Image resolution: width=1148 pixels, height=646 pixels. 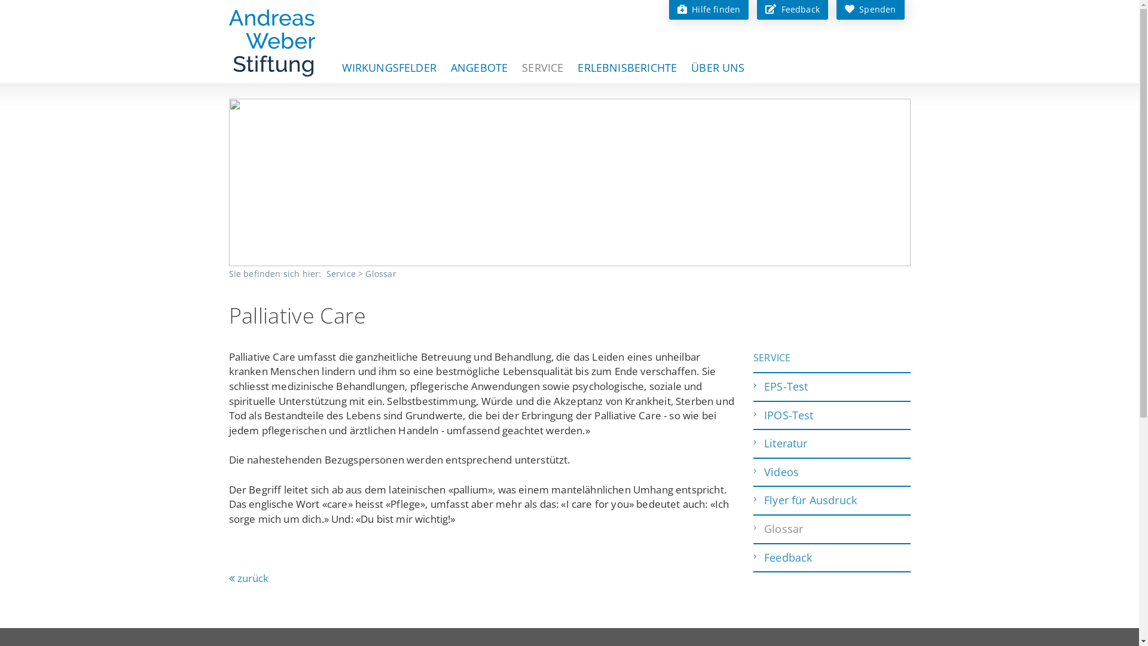 What do you see at coordinates (831, 415) in the screenshot?
I see `'IPOS-Test'` at bounding box center [831, 415].